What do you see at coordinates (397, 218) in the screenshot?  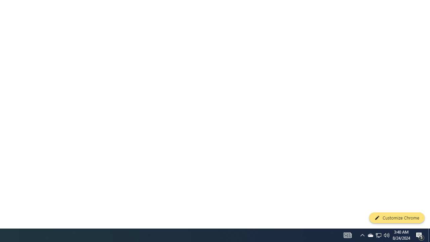 I see `'Customize Chrome'` at bounding box center [397, 218].